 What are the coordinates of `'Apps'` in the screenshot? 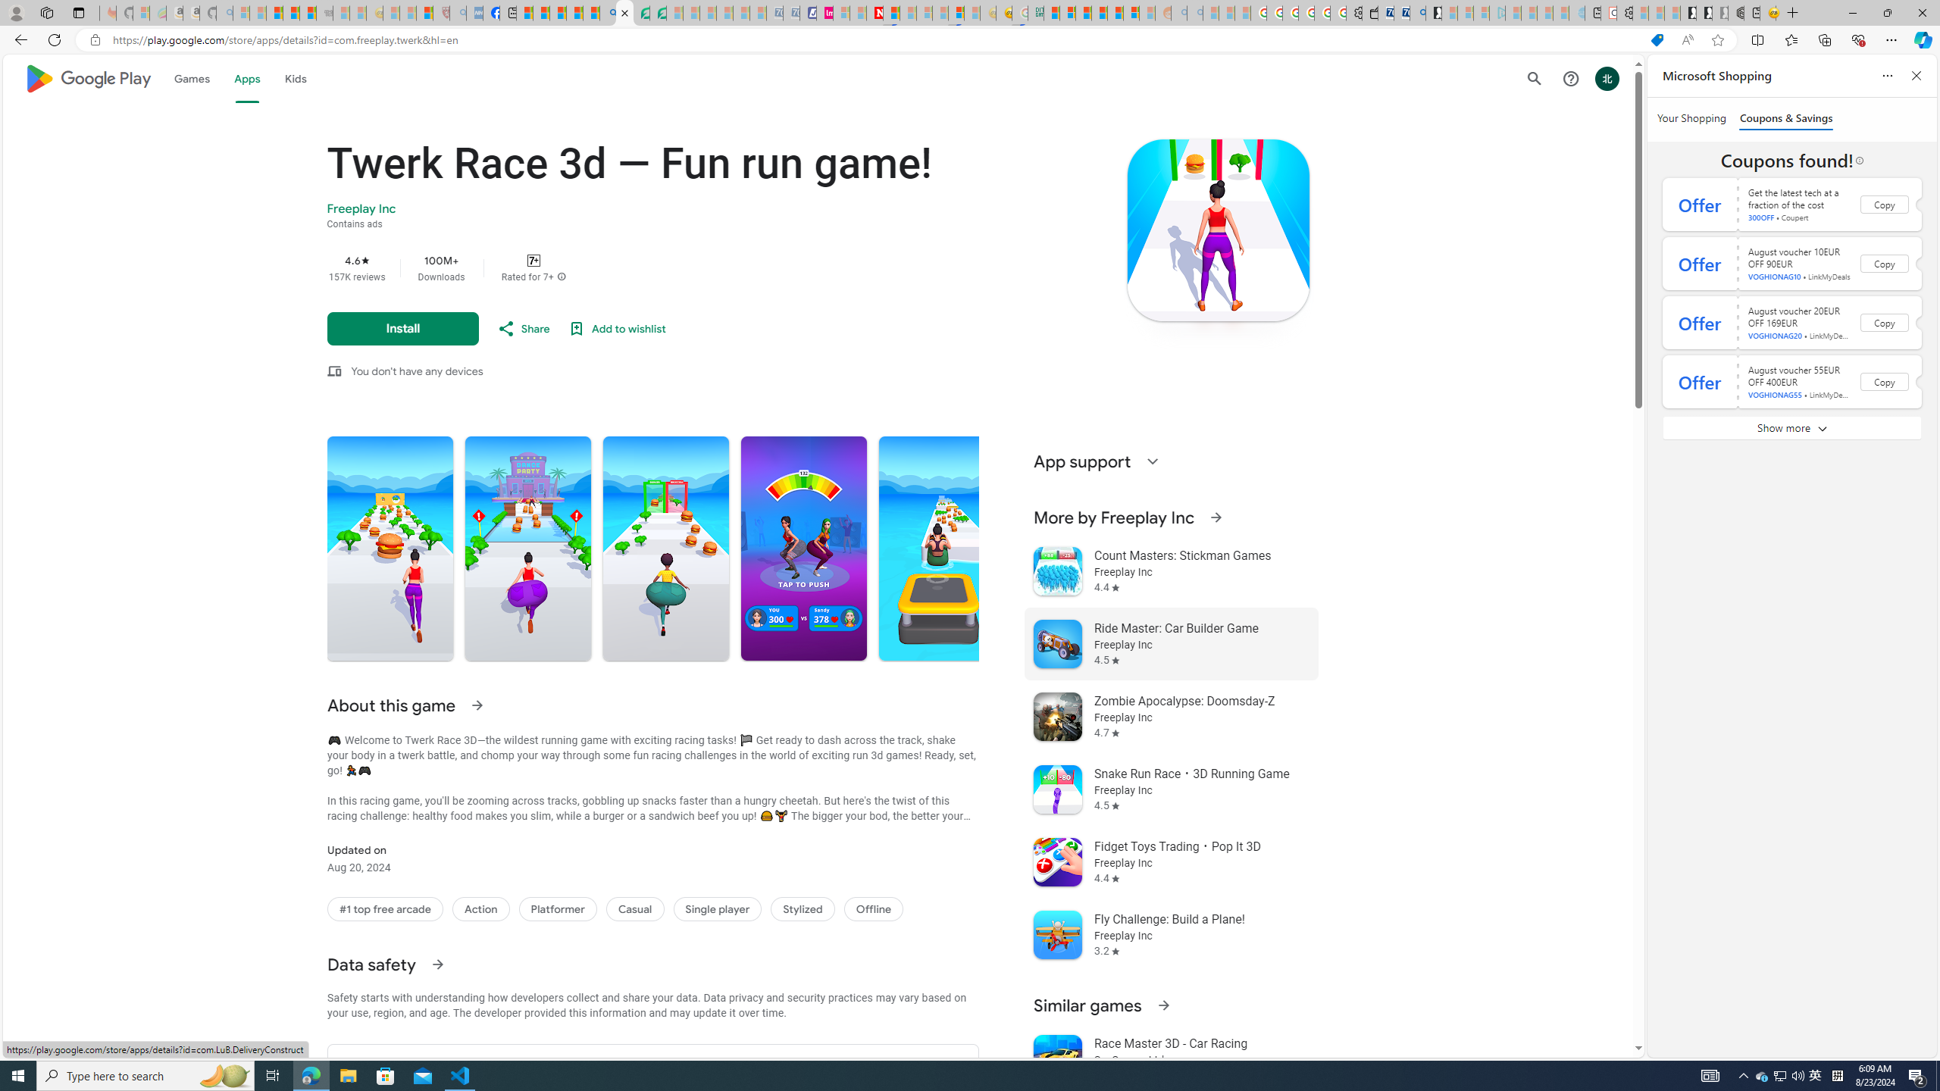 It's located at (247, 78).